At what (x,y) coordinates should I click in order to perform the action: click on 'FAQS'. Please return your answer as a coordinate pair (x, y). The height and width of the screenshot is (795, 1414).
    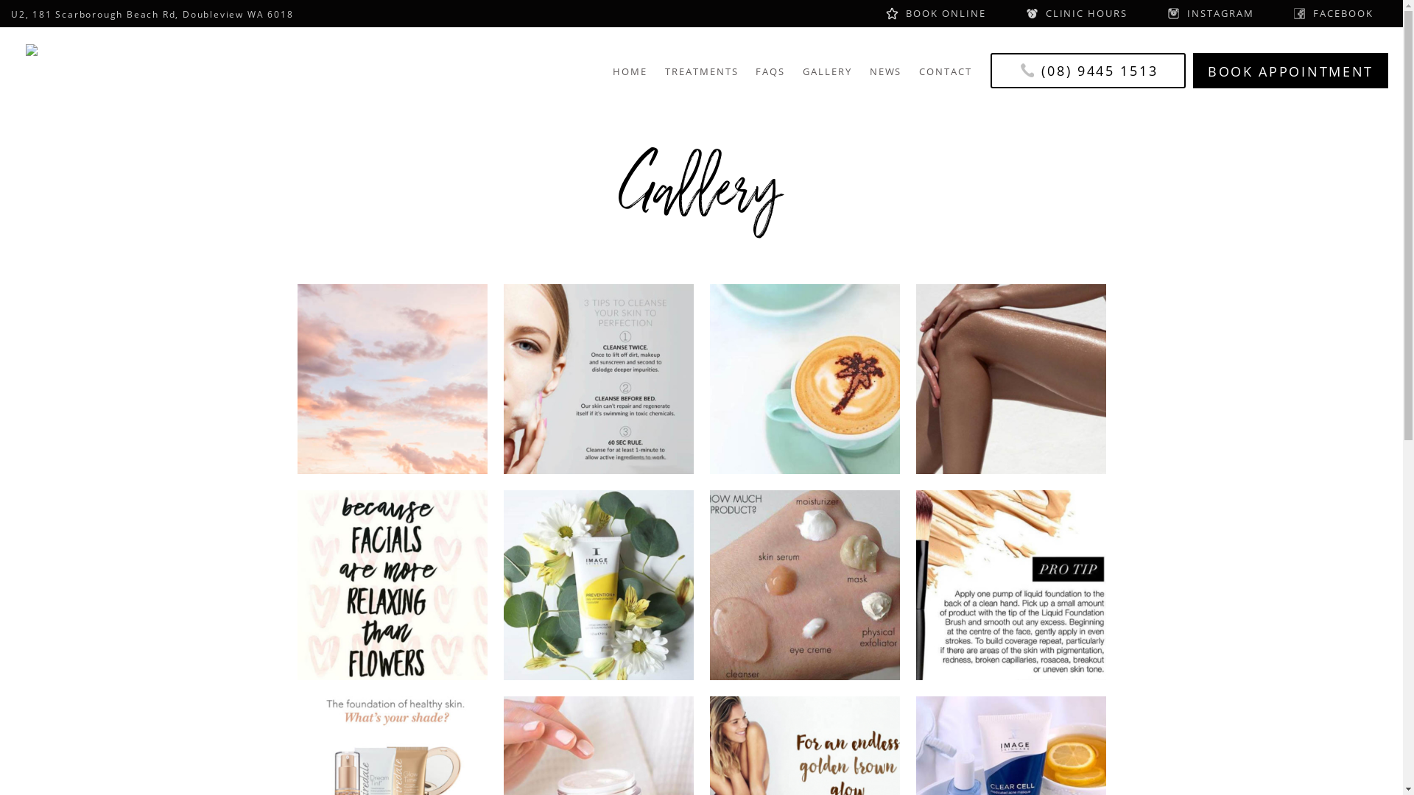
    Looking at the image, I should click on (748, 76).